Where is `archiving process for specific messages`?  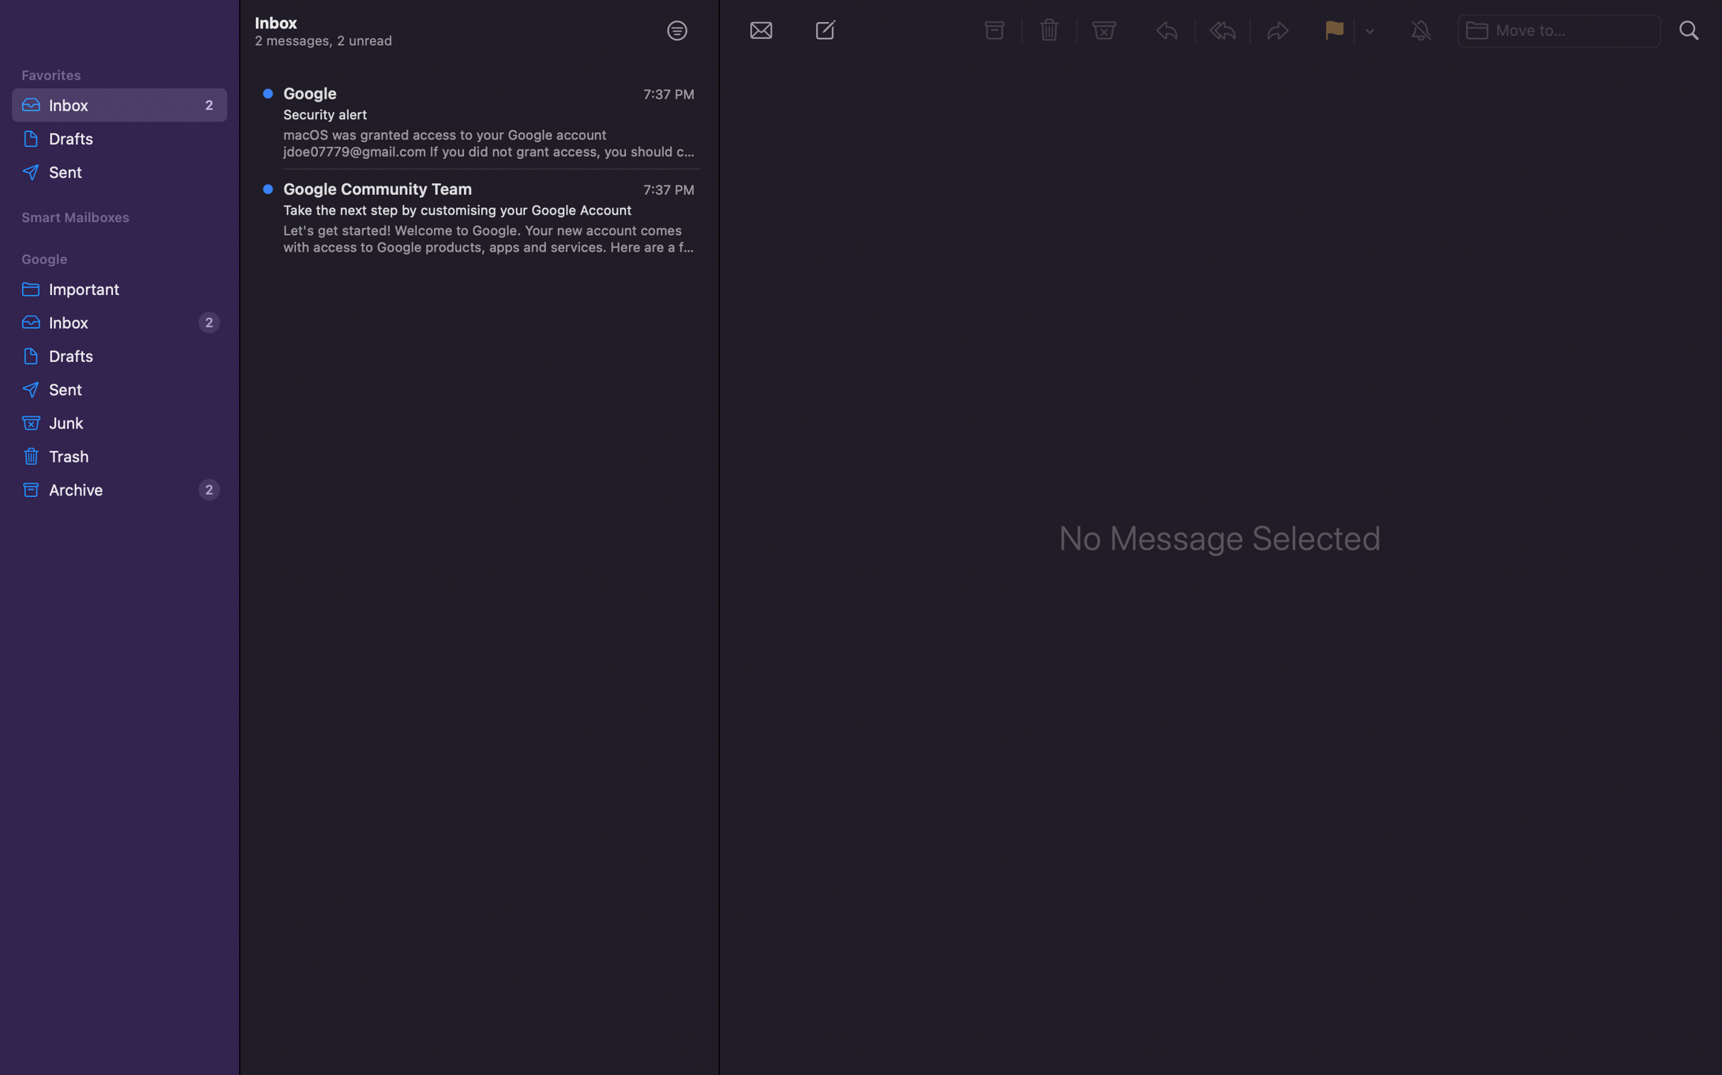 archiving process for specific messages is located at coordinates (994, 31).